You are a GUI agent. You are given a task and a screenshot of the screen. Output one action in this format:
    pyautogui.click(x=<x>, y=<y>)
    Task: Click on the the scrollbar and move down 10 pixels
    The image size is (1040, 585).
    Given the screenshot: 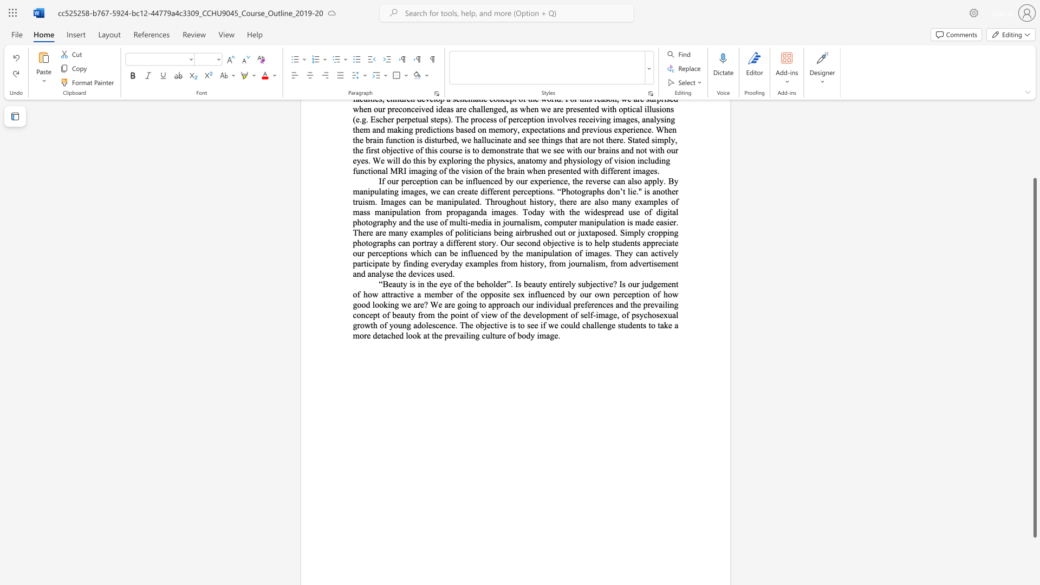 What is the action you would take?
    pyautogui.click(x=1034, y=357)
    